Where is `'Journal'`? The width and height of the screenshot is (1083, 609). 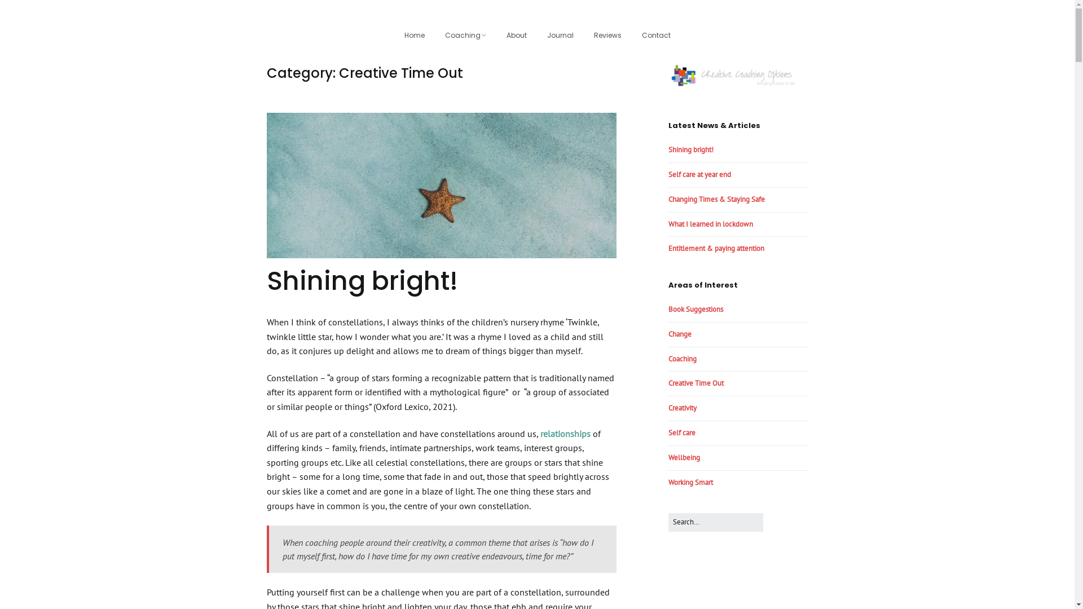
'Journal' is located at coordinates (538, 35).